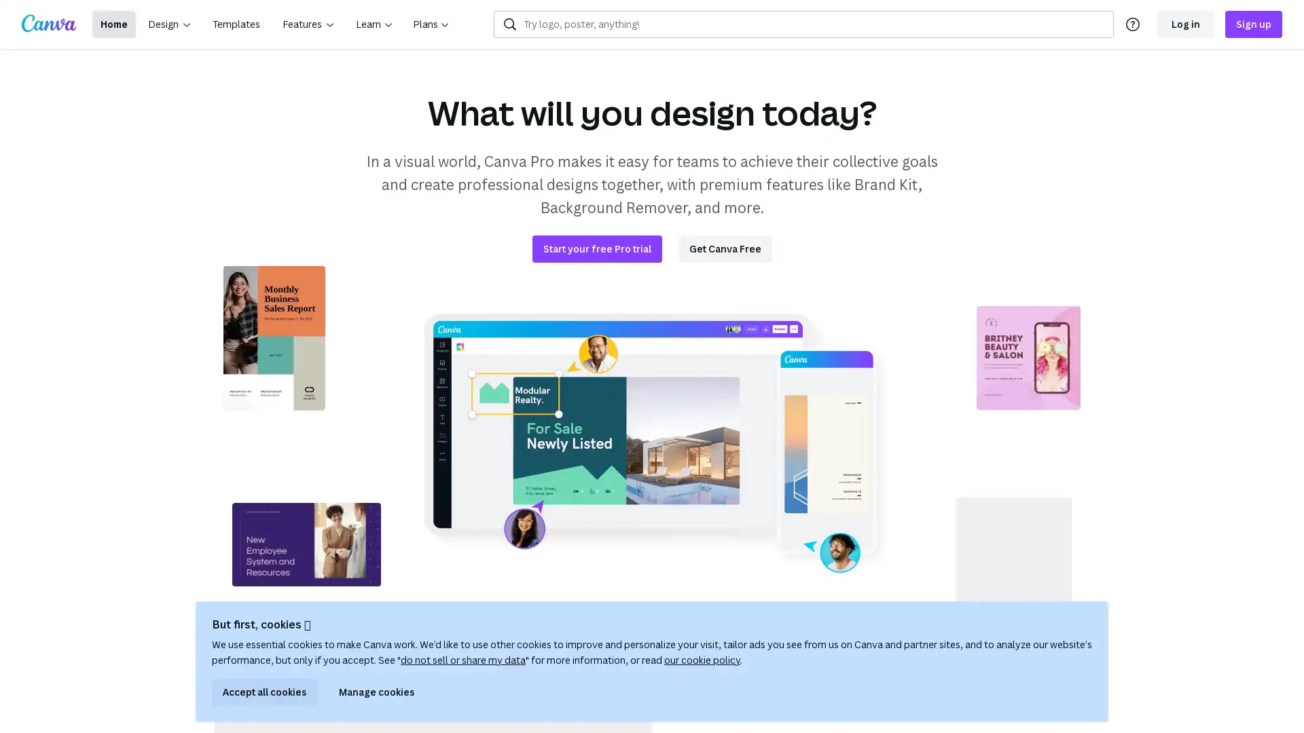  I want to click on Manage cookies, so click(376, 692).